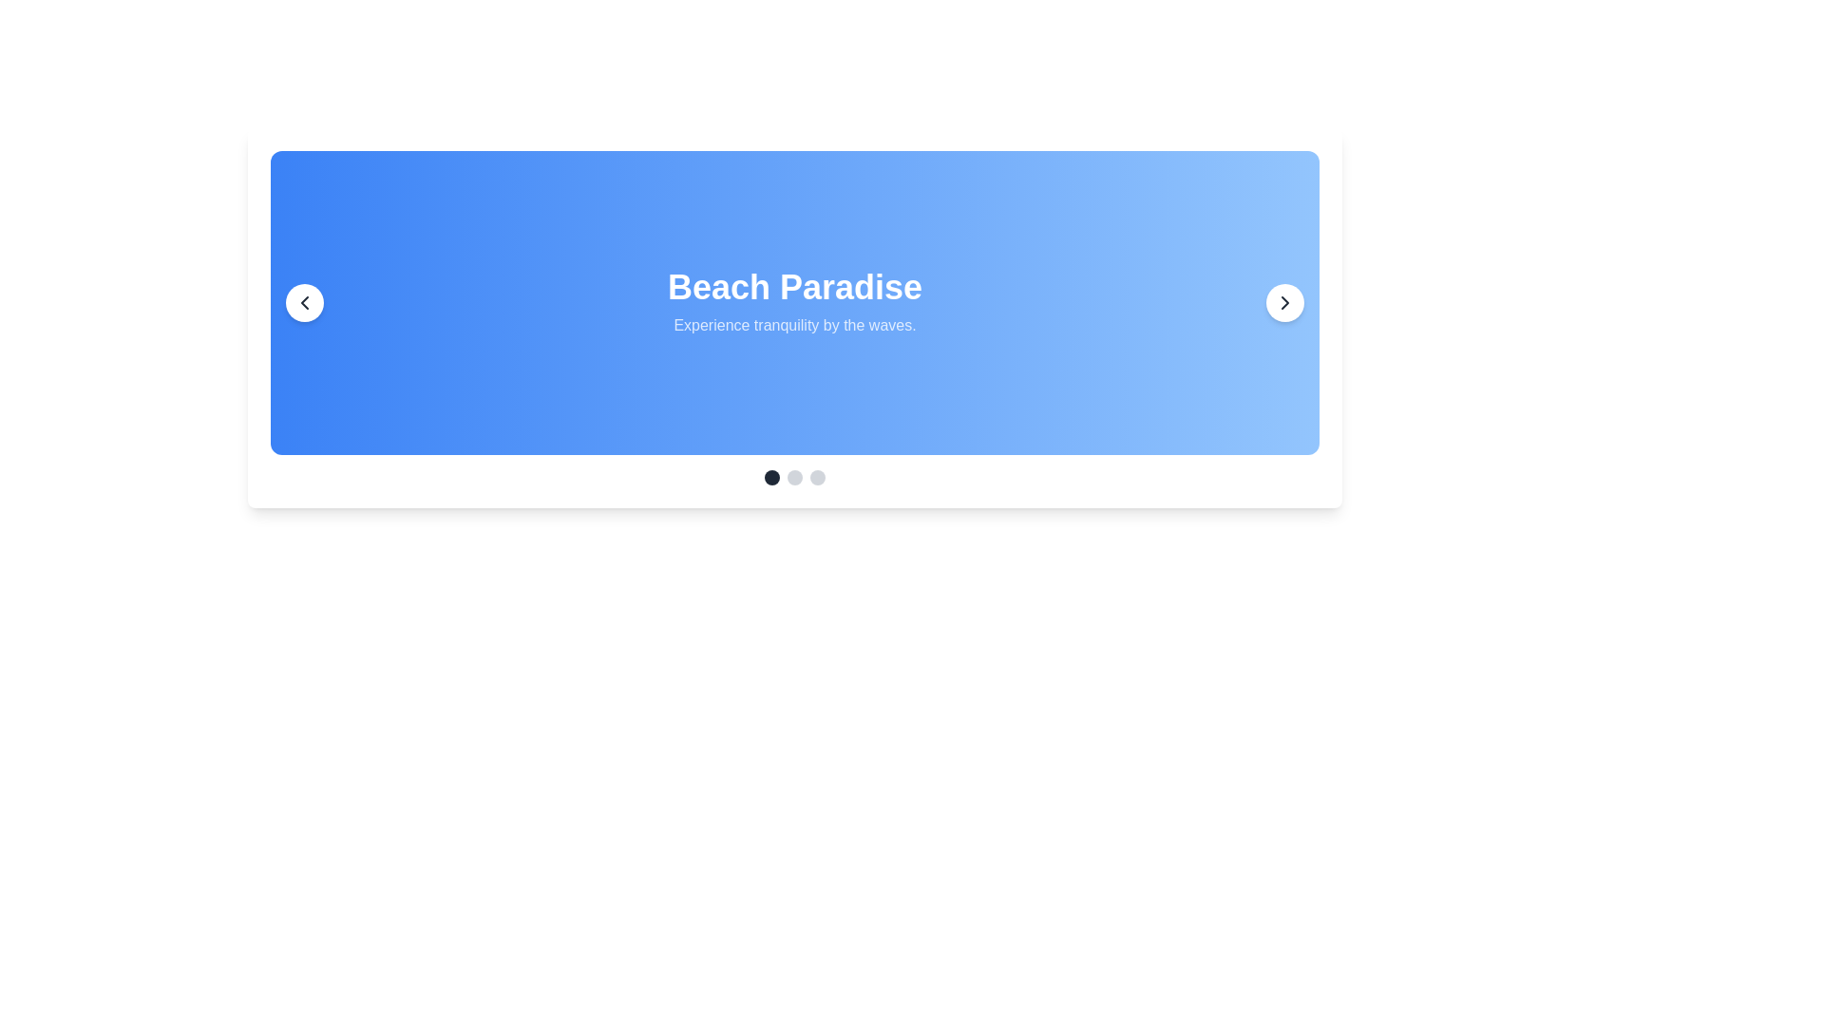  I want to click on the backward navigation icon located in the upper-left portion of the circular button within the central blue section, so click(305, 302).